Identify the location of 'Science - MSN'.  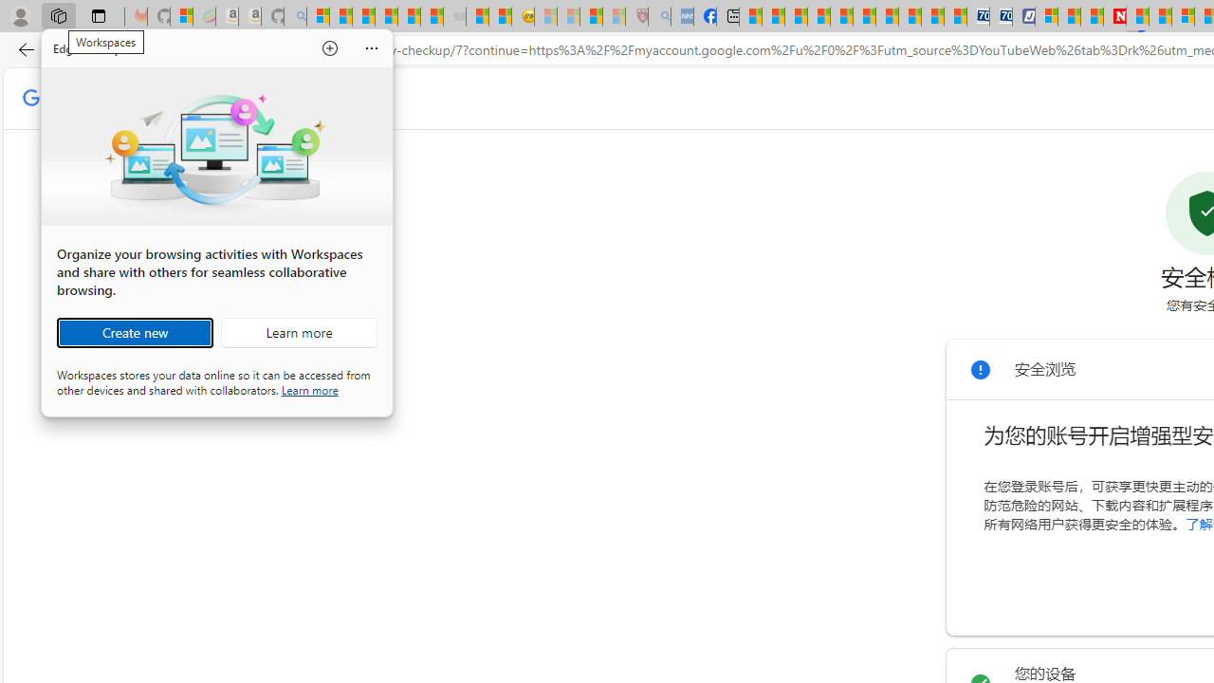
(590, 16).